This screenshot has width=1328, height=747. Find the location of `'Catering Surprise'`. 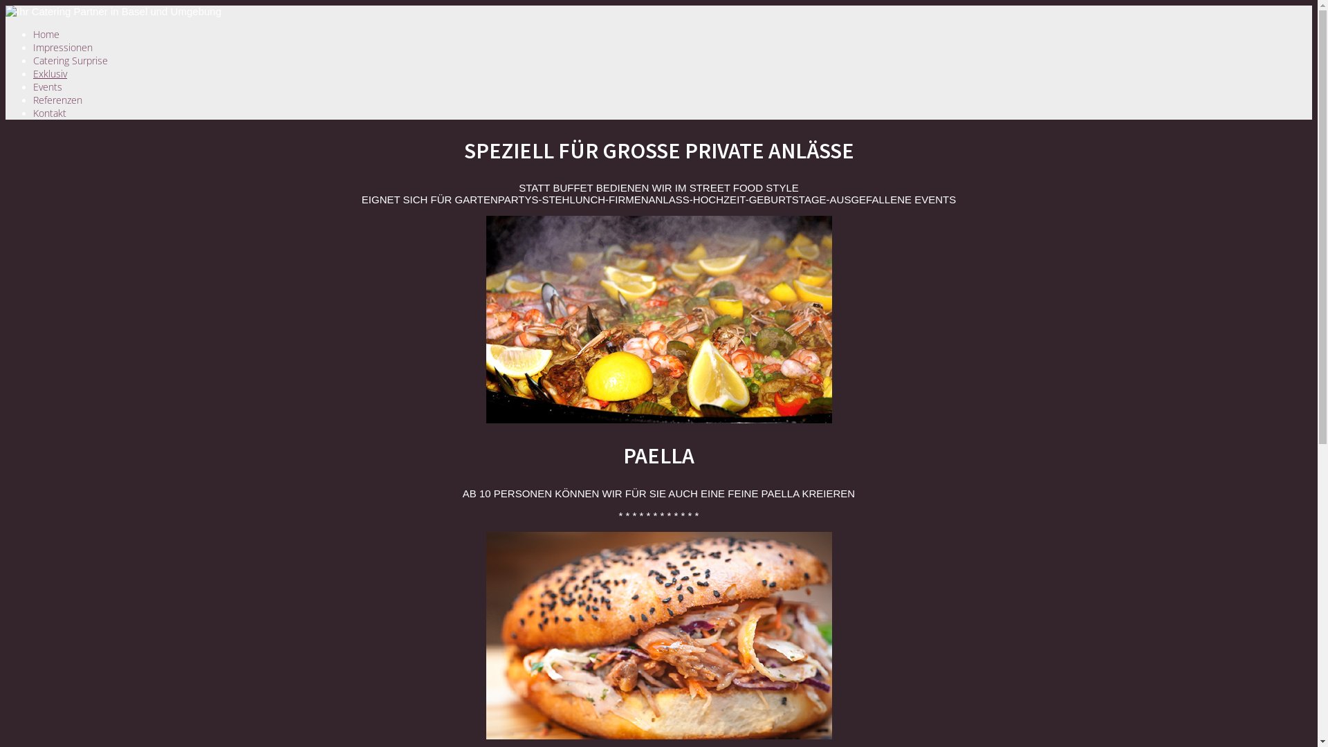

'Catering Surprise' is located at coordinates (69, 59).